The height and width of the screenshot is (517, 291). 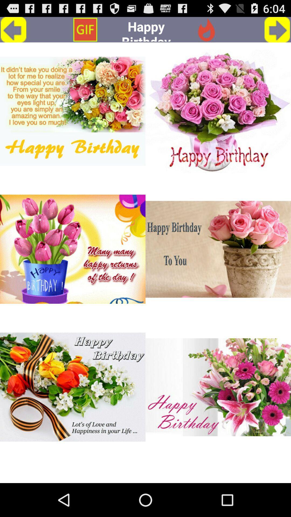 I want to click on card image option, so click(x=218, y=111).